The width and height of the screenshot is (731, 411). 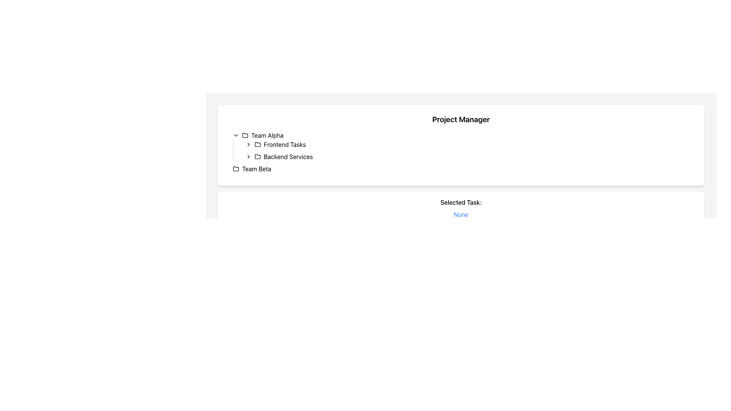 What do you see at coordinates (245, 135) in the screenshot?
I see `the folder icon located to the right of the text 'Team Alpha' in the tree structure sidebar` at bounding box center [245, 135].